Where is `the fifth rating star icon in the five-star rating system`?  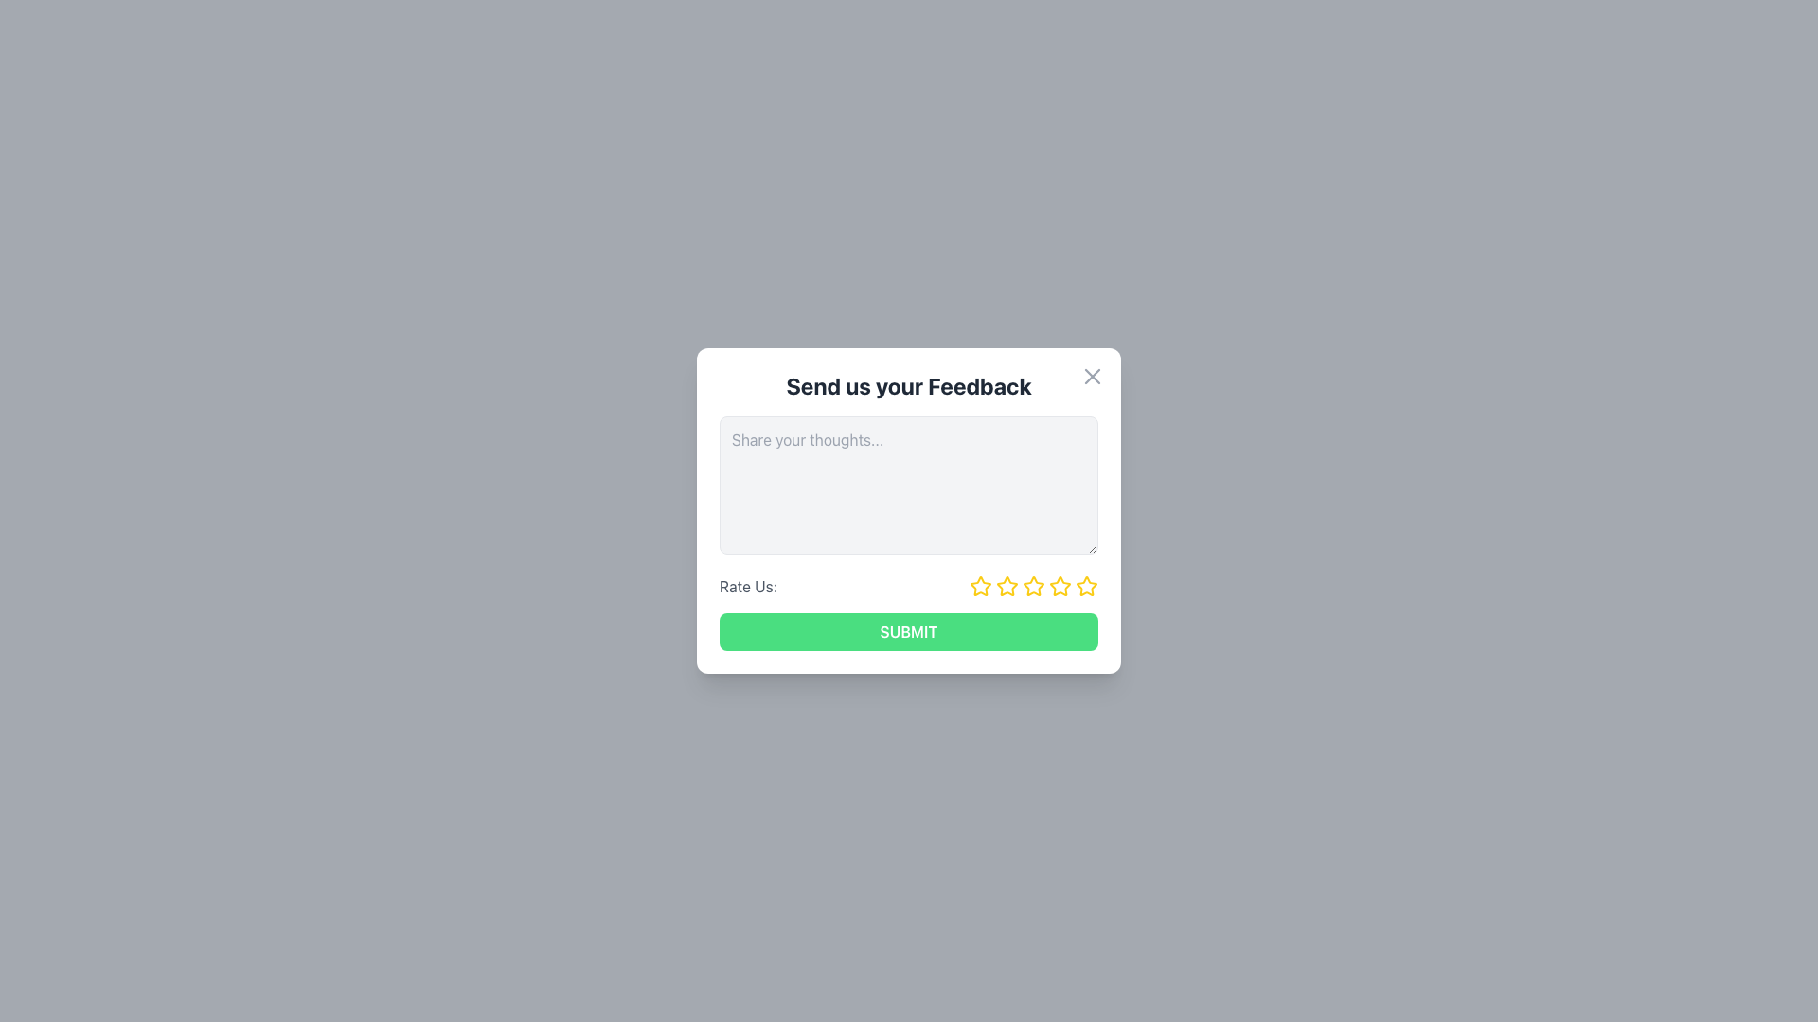 the fifth rating star icon in the five-star rating system is located at coordinates (1059, 585).